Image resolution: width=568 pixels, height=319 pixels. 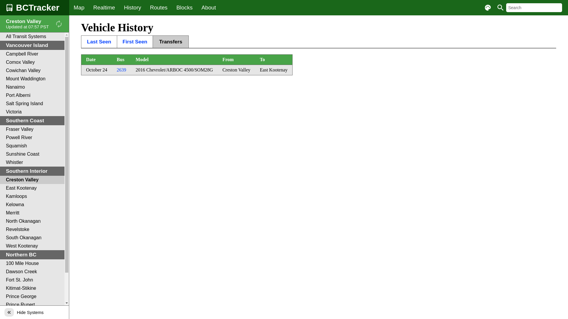 I want to click on 'Dawson Creek', so click(x=32, y=272).